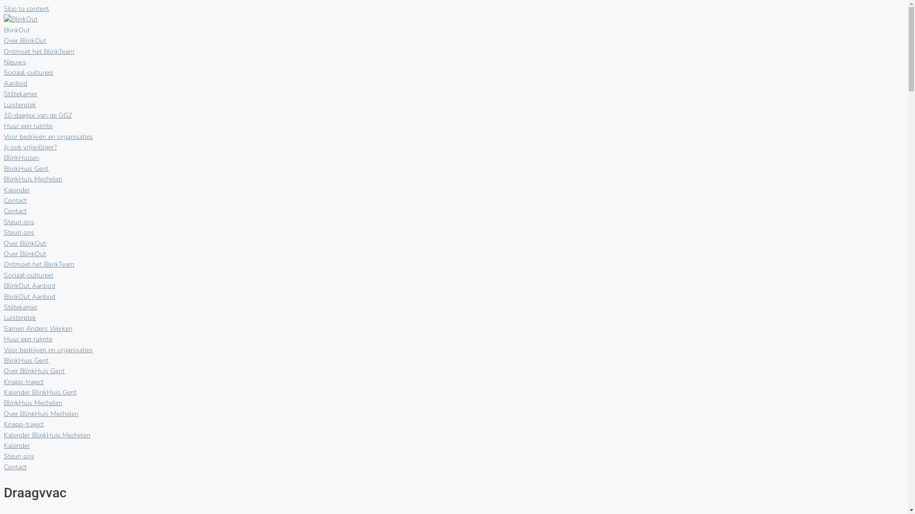  I want to click on 'Ontmoet het BlinkTeam', so click(4, 51).